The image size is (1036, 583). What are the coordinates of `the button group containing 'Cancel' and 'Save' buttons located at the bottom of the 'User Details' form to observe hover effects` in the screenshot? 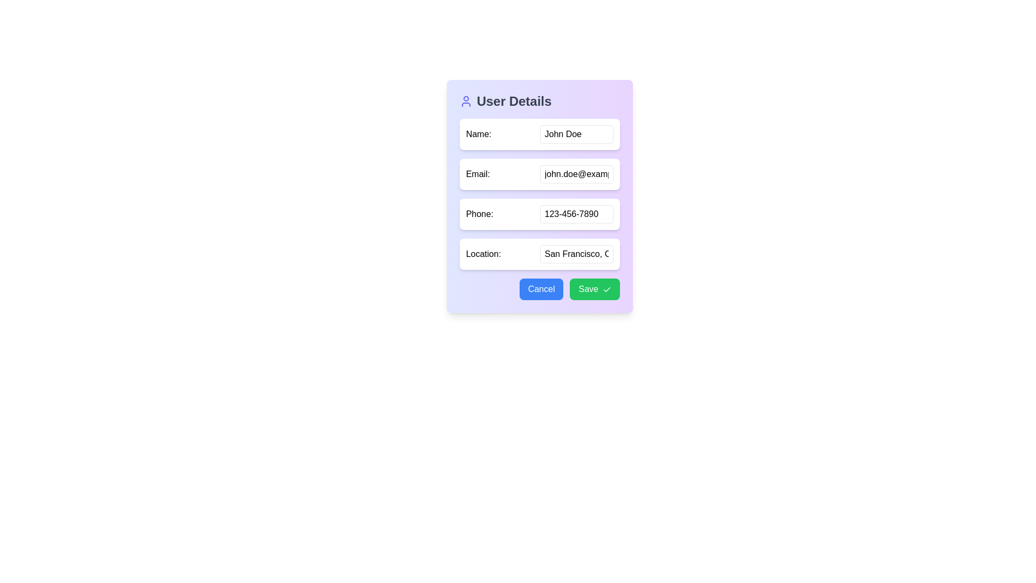 It's located at (540, 289).